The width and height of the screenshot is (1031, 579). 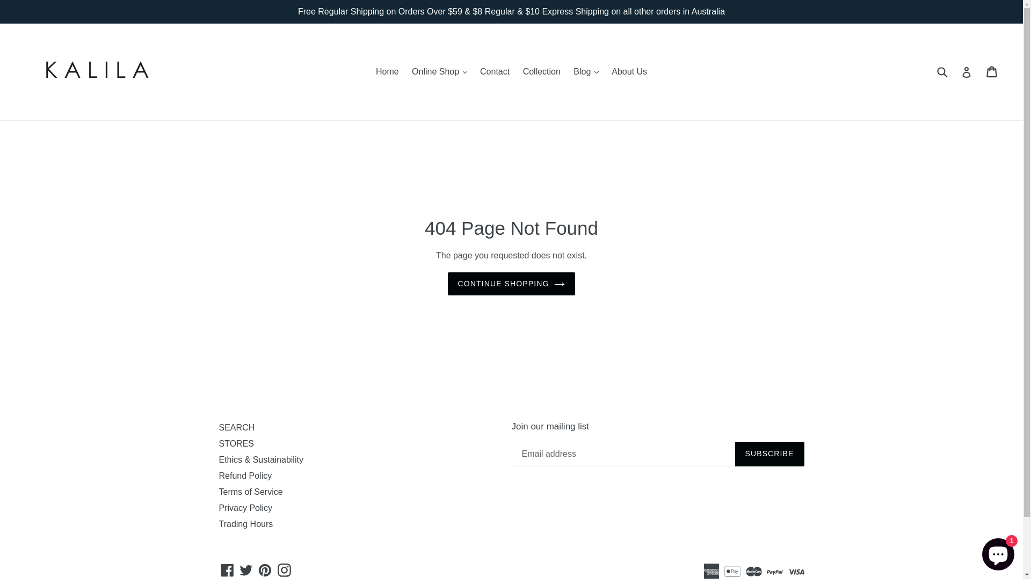 What do you see at coordinates (986, 72) in the screenshot?
I see `'Cart` at bounding box center [986, 72].